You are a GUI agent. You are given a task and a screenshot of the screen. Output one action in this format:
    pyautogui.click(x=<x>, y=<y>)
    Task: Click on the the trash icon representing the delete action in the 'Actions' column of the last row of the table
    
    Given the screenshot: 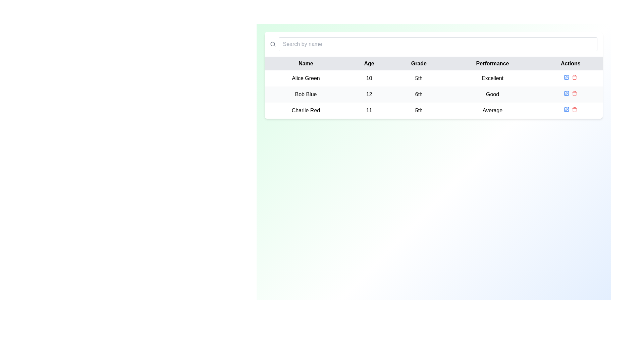 What is the action you would take?
    pyautogui.click(x=574, y=110)
    